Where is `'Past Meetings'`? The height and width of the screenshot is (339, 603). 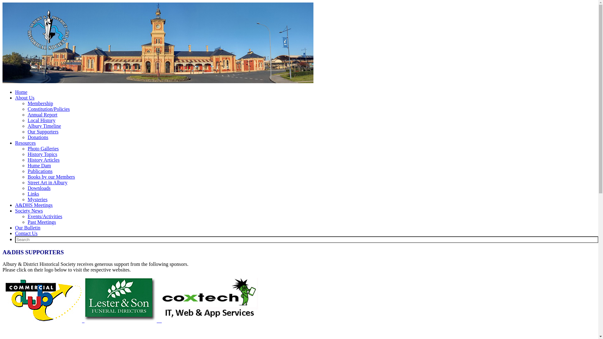 'Past Meetings' is located at coordinates (41, 222).